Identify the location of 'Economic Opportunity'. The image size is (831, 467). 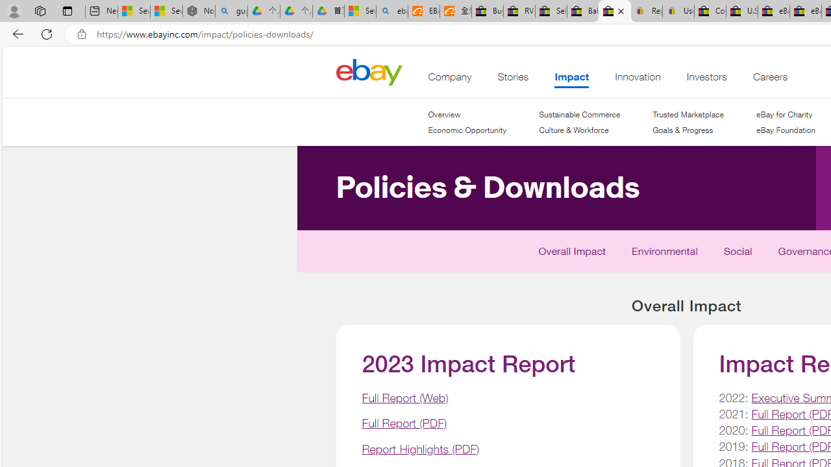
(467, 130).